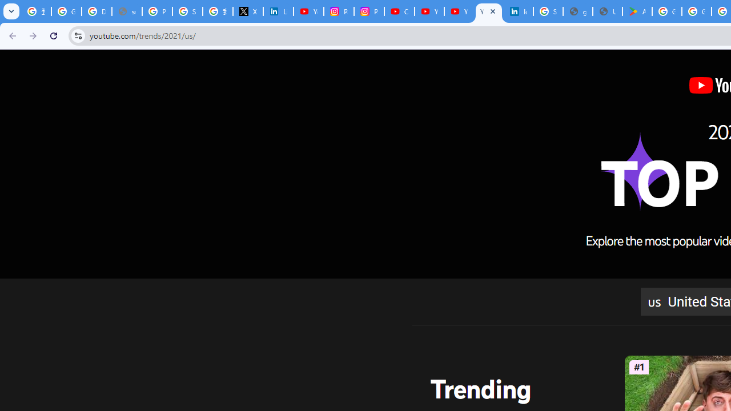 The width and height of the screenshot is (731, 411). I want to click on 'YouTube Culture & Trends - YouTube Top 10, 2021', so click(459, 11).